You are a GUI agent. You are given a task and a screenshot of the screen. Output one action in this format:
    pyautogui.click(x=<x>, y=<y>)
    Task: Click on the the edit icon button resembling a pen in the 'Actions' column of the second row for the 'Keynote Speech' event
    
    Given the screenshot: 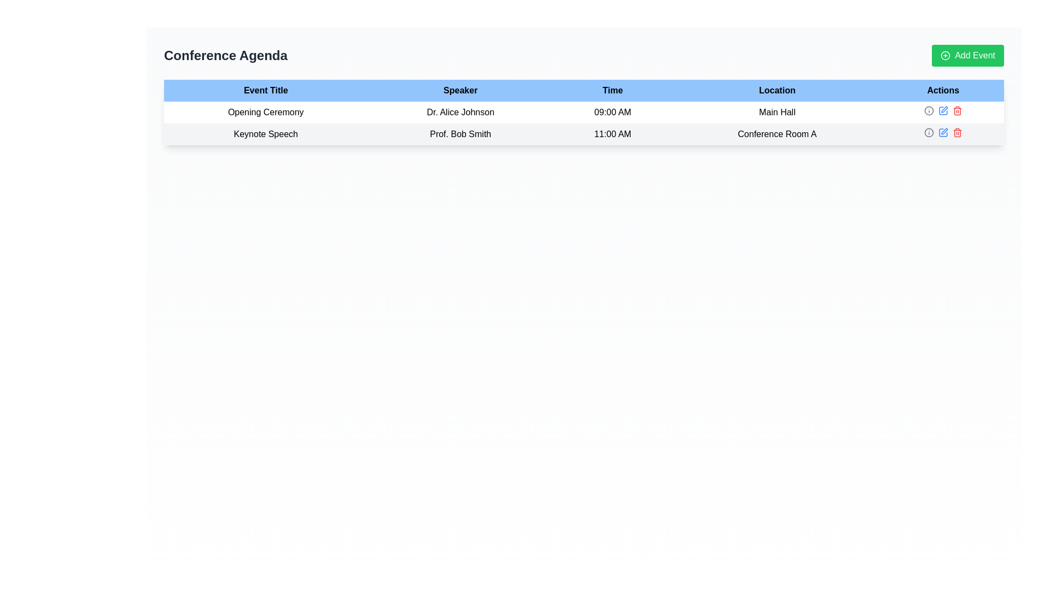 What is the action you would take?
    pyautogui.click(x=944, y=131)
    